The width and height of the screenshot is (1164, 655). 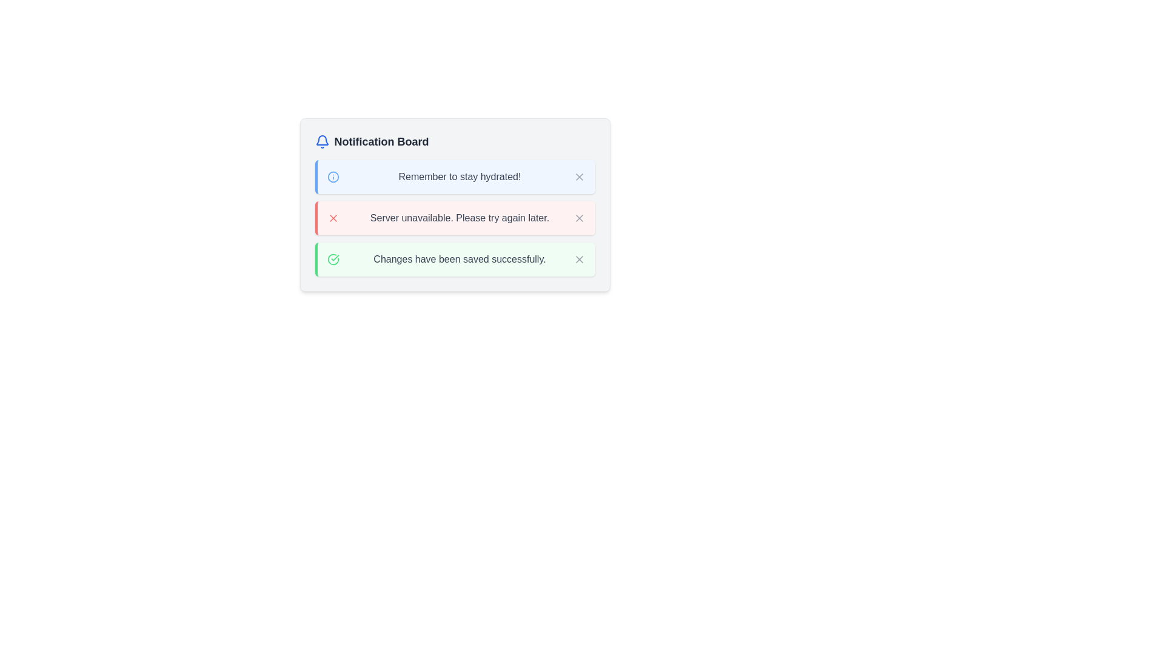 What do you see at coordinates (459, 217) in the screenshot?
I see `the text information display element that shows a notification about server unavailability, which is located between the 'Remember to stay hydrated!' and 'Changes have been saved successfully' notifications` at bounding box center [459, 217].